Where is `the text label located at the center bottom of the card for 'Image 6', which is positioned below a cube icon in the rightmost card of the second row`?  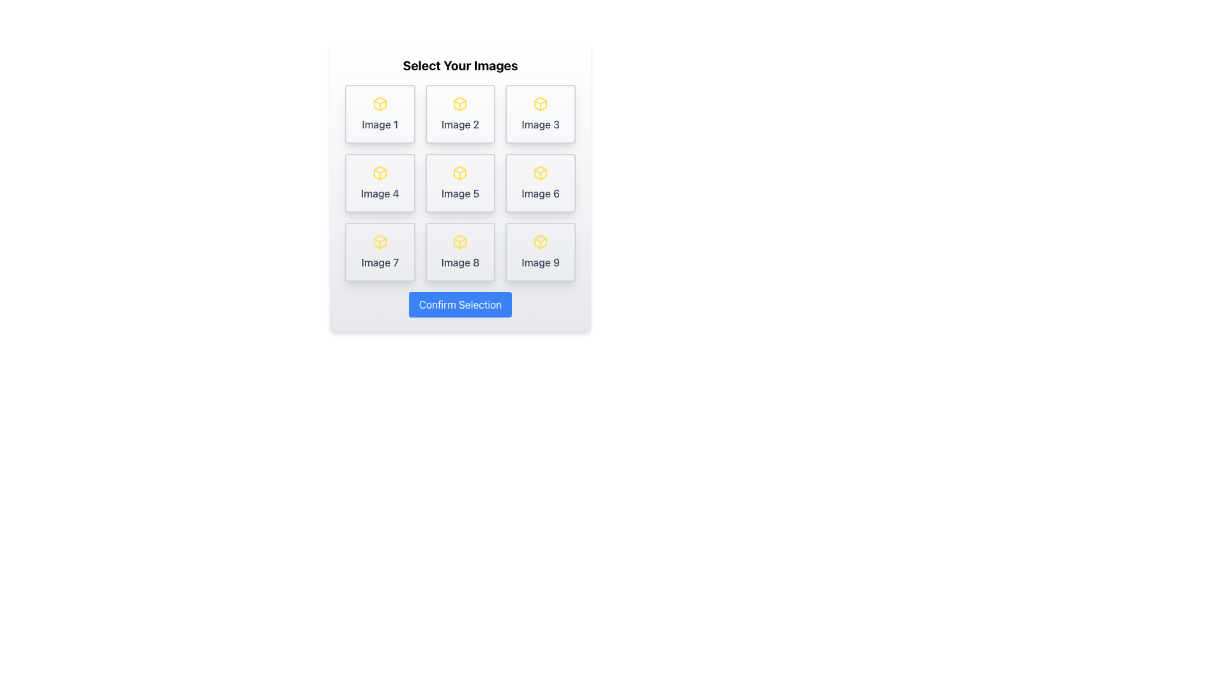
the text label located at the center bottom of the card for 'Image 6', which is positioned below a cube icon in the rightmost card of the second row is located at coordinates (541, 194).